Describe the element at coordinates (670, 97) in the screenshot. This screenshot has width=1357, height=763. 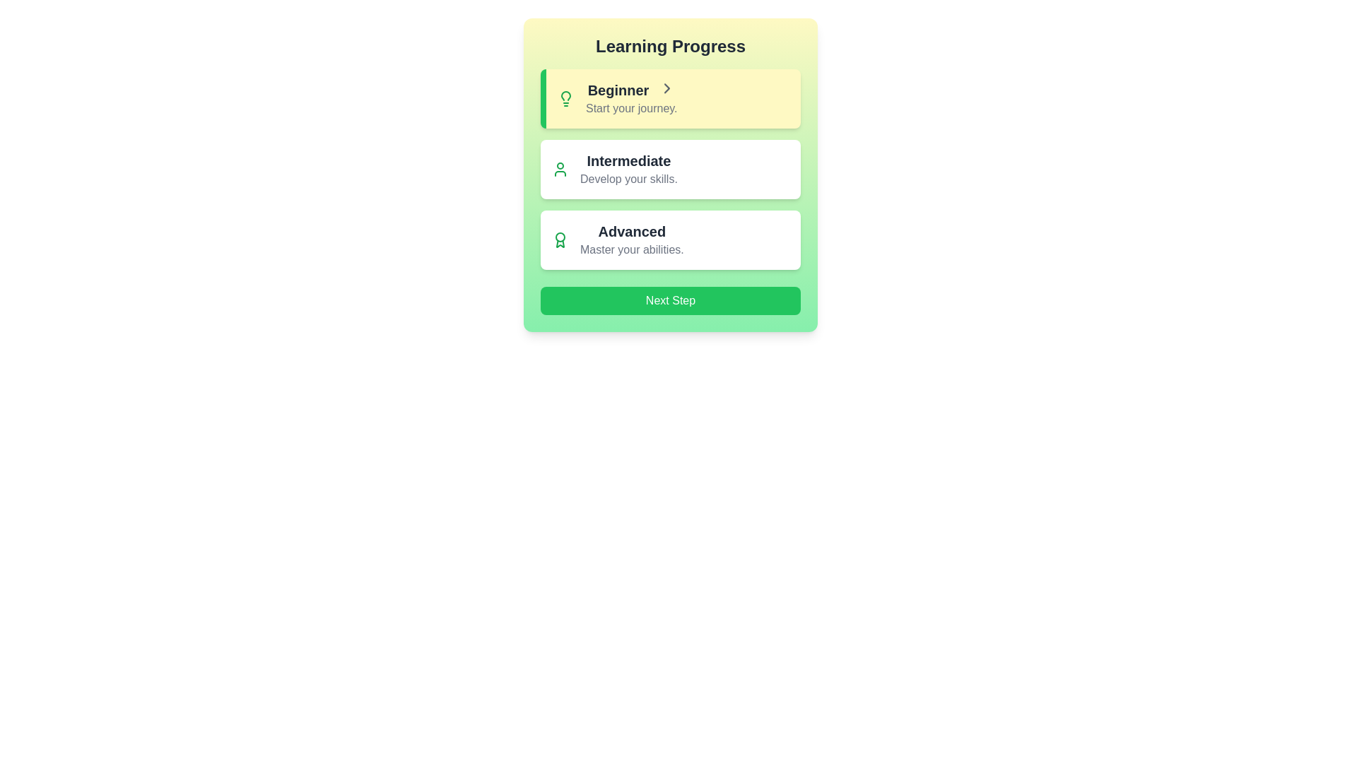
I see `the first Interactive Card in the 'Learning Progress' section, which provides access to details or content related to beginning a journey or learning experience` at that location.